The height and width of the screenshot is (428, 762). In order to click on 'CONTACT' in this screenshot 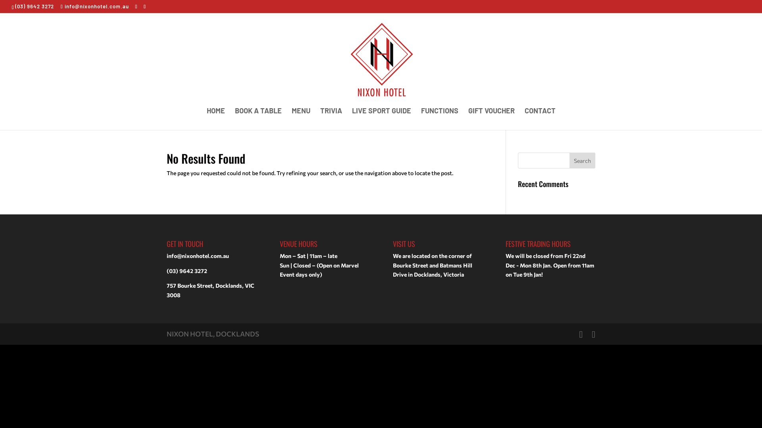, I will do `click(540, 119)`.